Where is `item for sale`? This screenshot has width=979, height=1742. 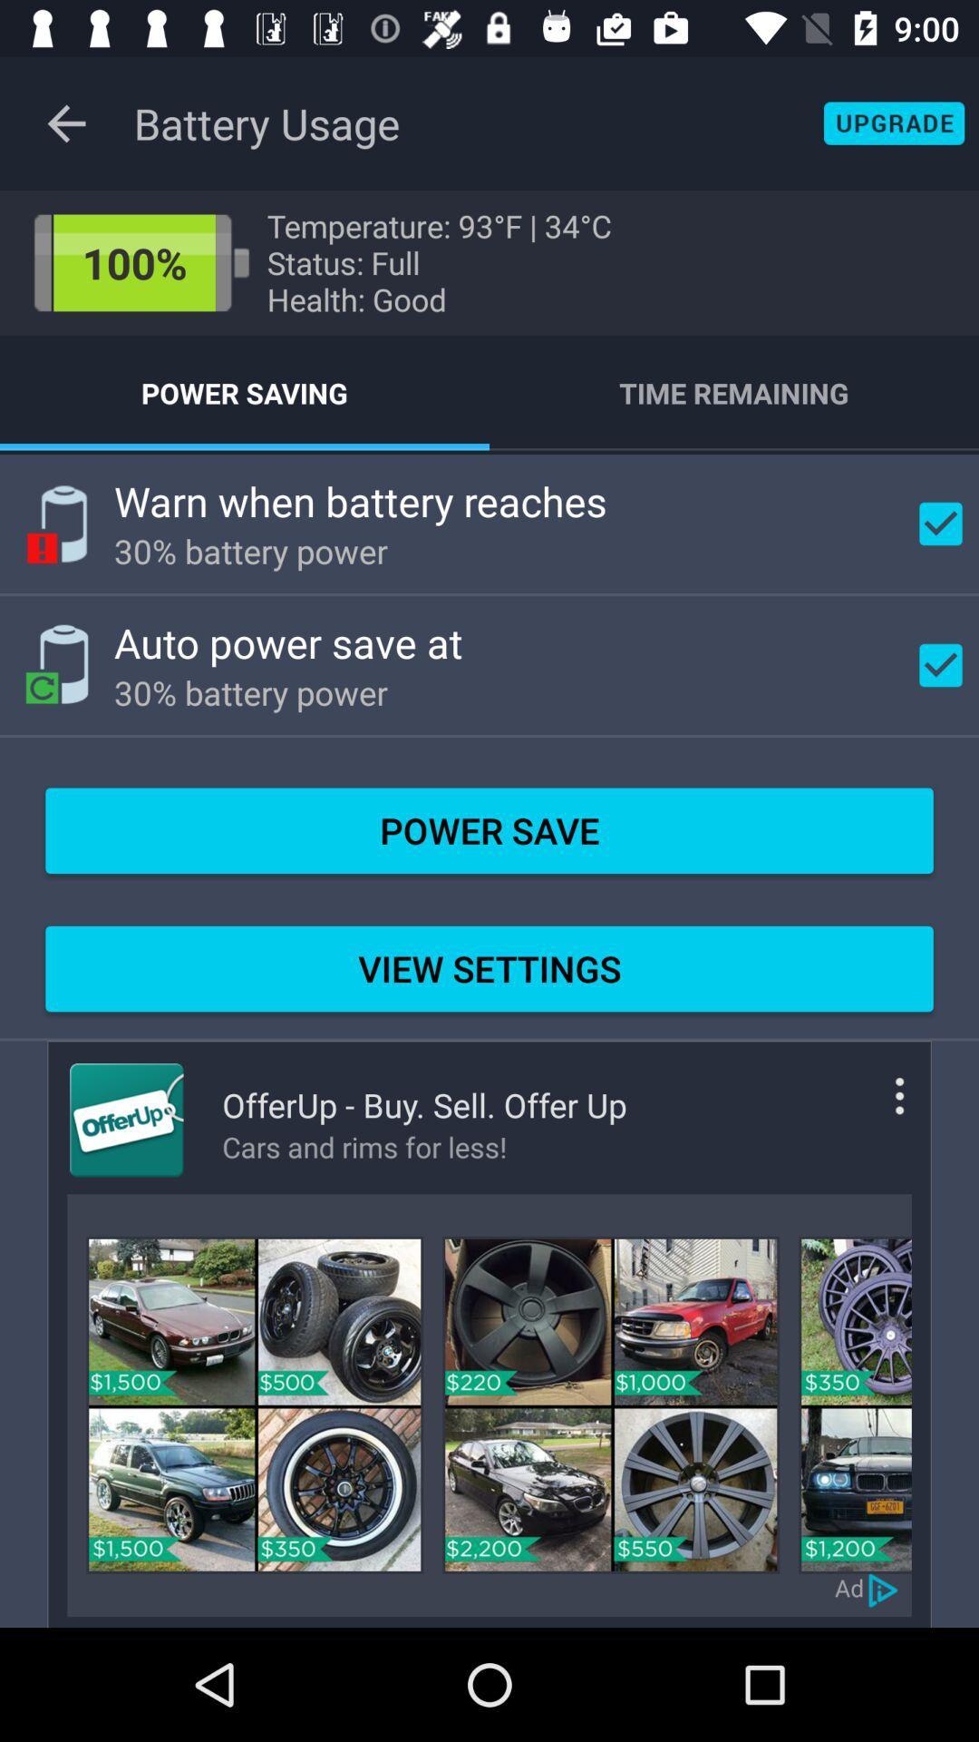
item for sale is located at coordinates (855, 1404).